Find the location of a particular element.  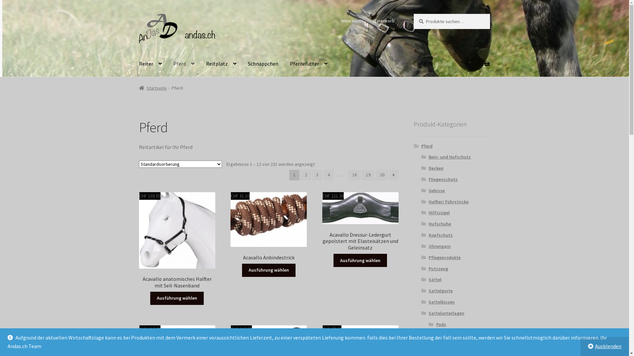

'Pferd' is located at coordinates (184, 64).